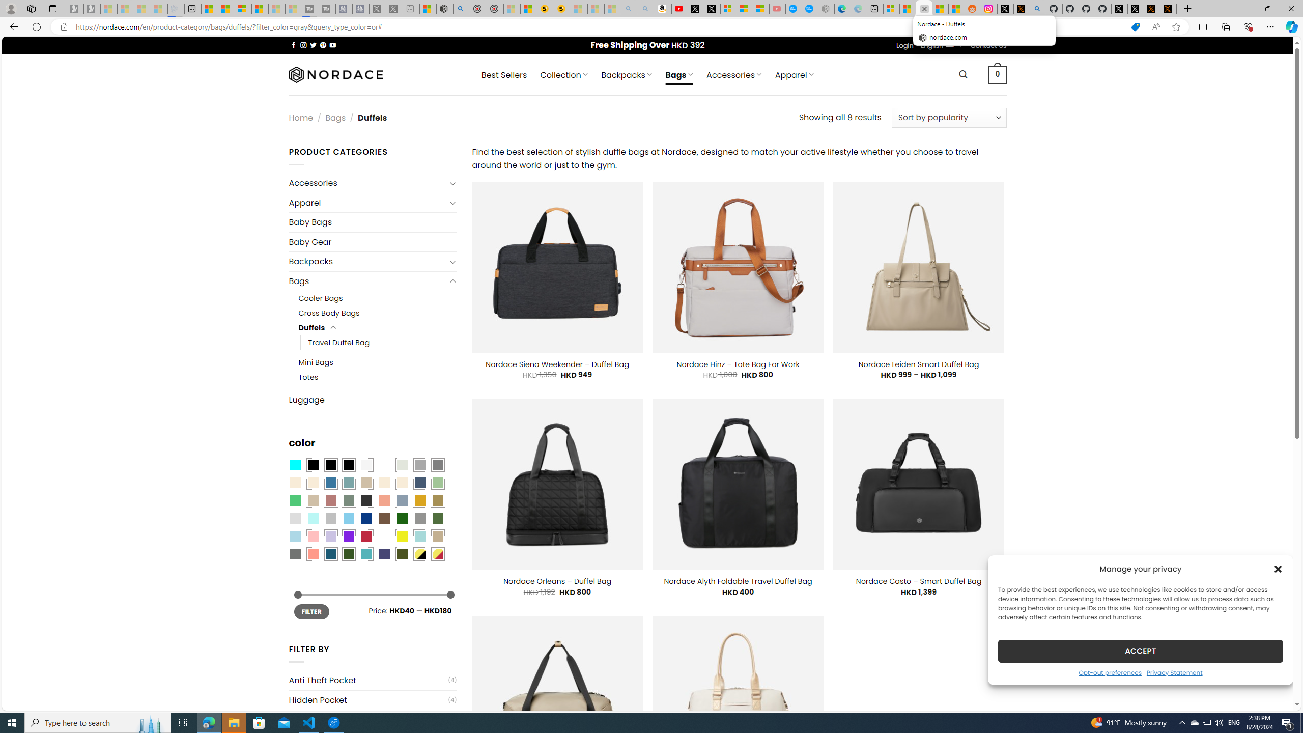  What do you see at coordinates (377, 298) in the screenshot?
I see `'Cooler Bags'` at bounding box center [377, 298].